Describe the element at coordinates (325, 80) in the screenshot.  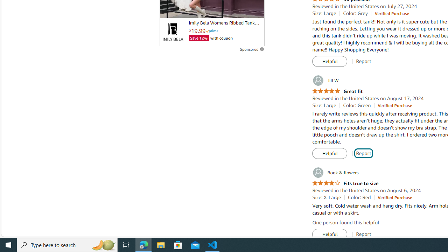
I see `'Jill W'` at that location.